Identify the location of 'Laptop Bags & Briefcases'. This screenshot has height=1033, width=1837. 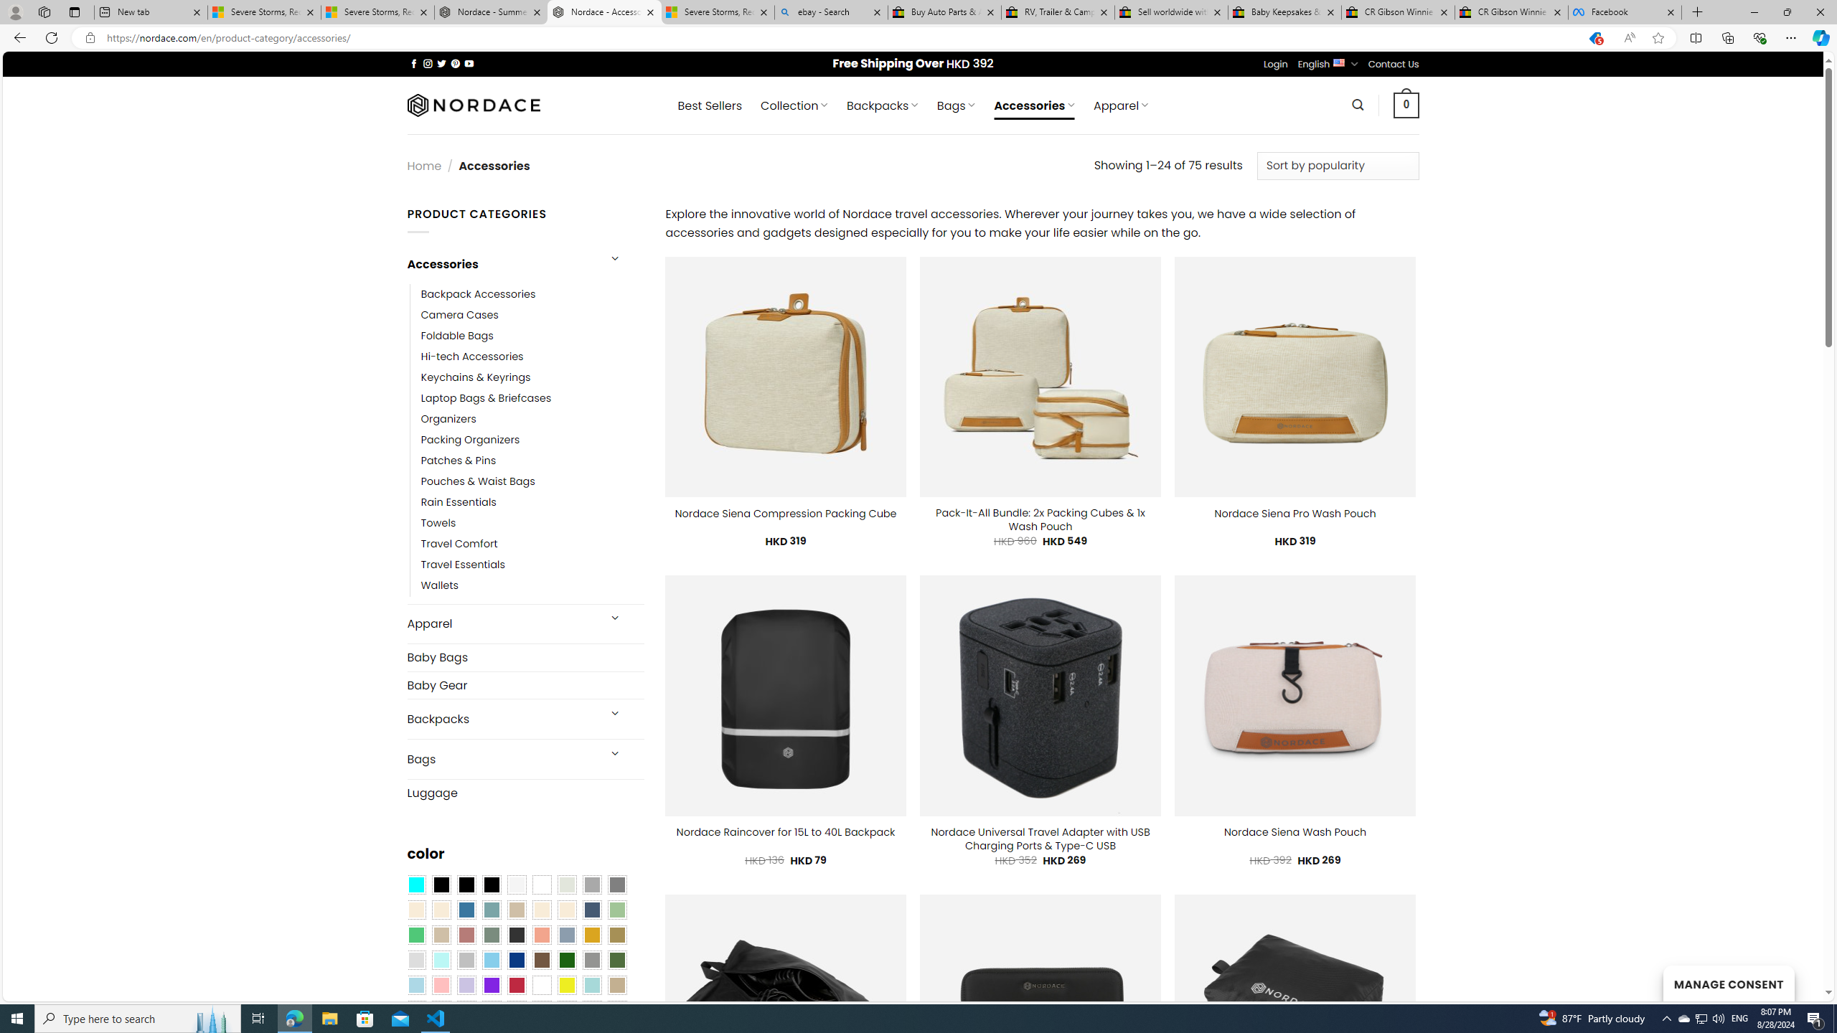
(485, 398).